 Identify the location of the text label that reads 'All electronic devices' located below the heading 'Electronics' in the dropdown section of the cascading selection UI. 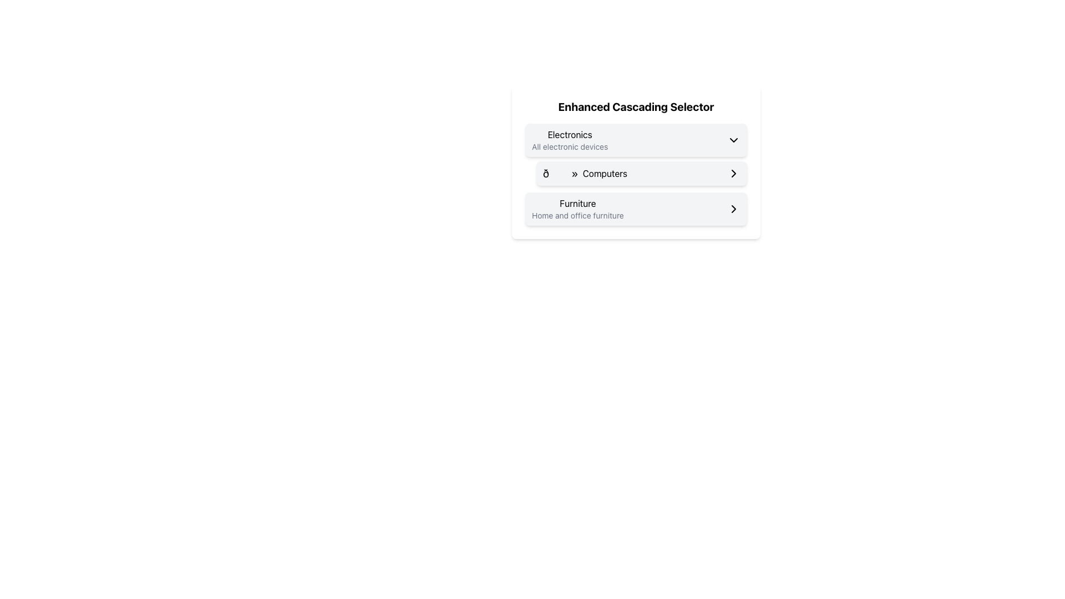
(570, 146).